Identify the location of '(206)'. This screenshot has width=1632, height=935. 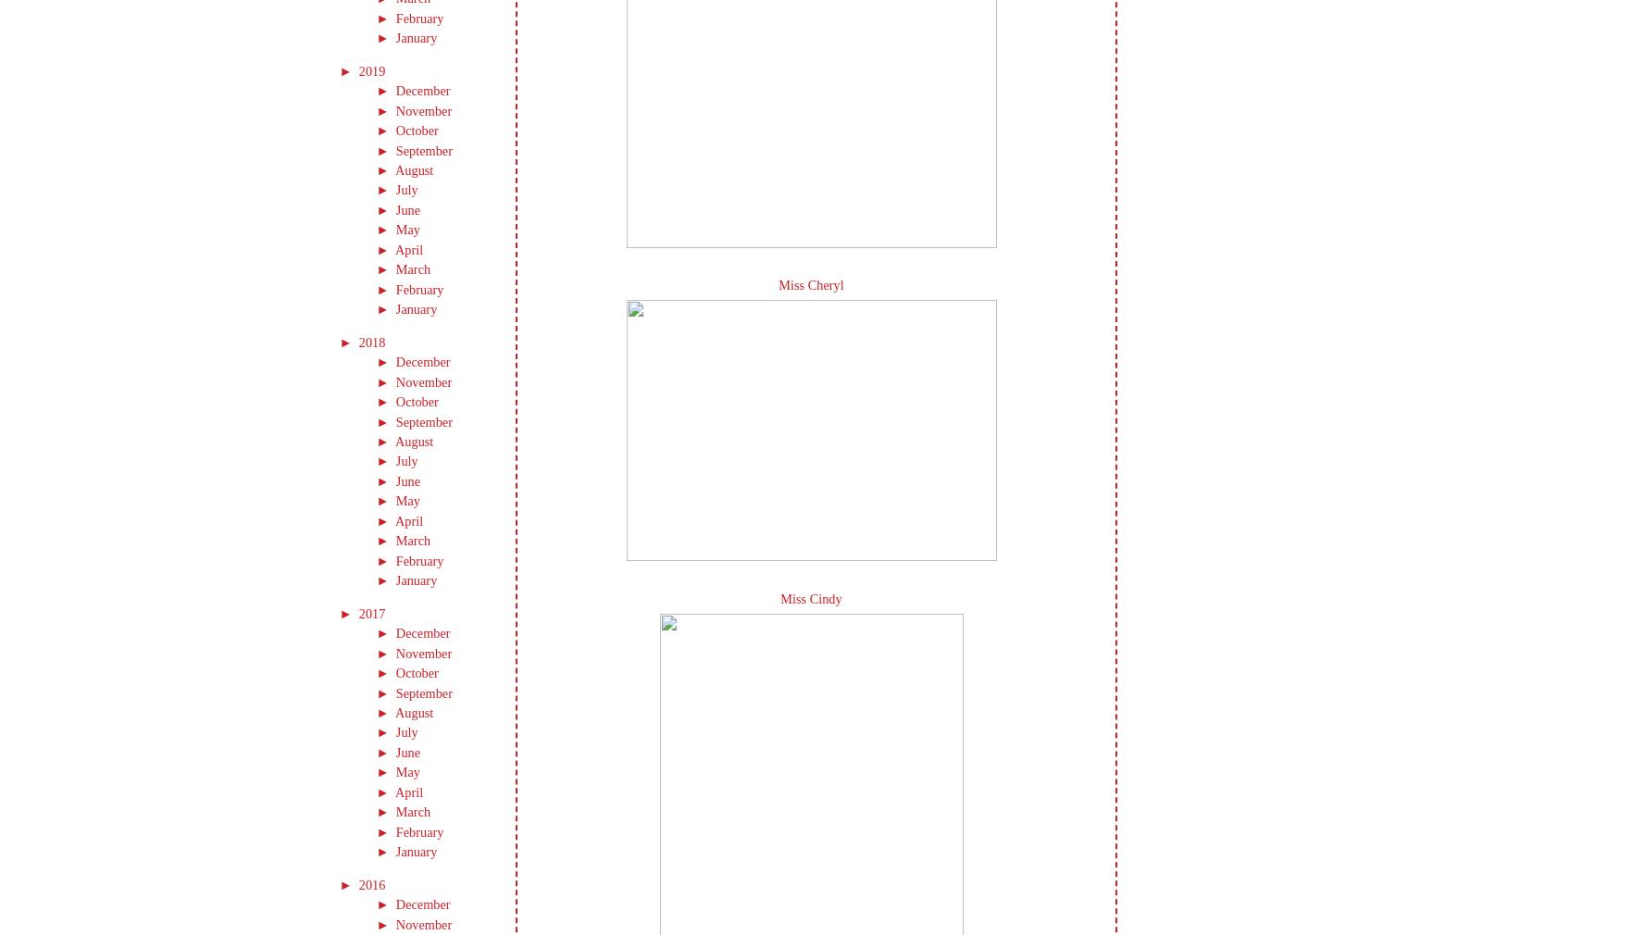
(402, 69).